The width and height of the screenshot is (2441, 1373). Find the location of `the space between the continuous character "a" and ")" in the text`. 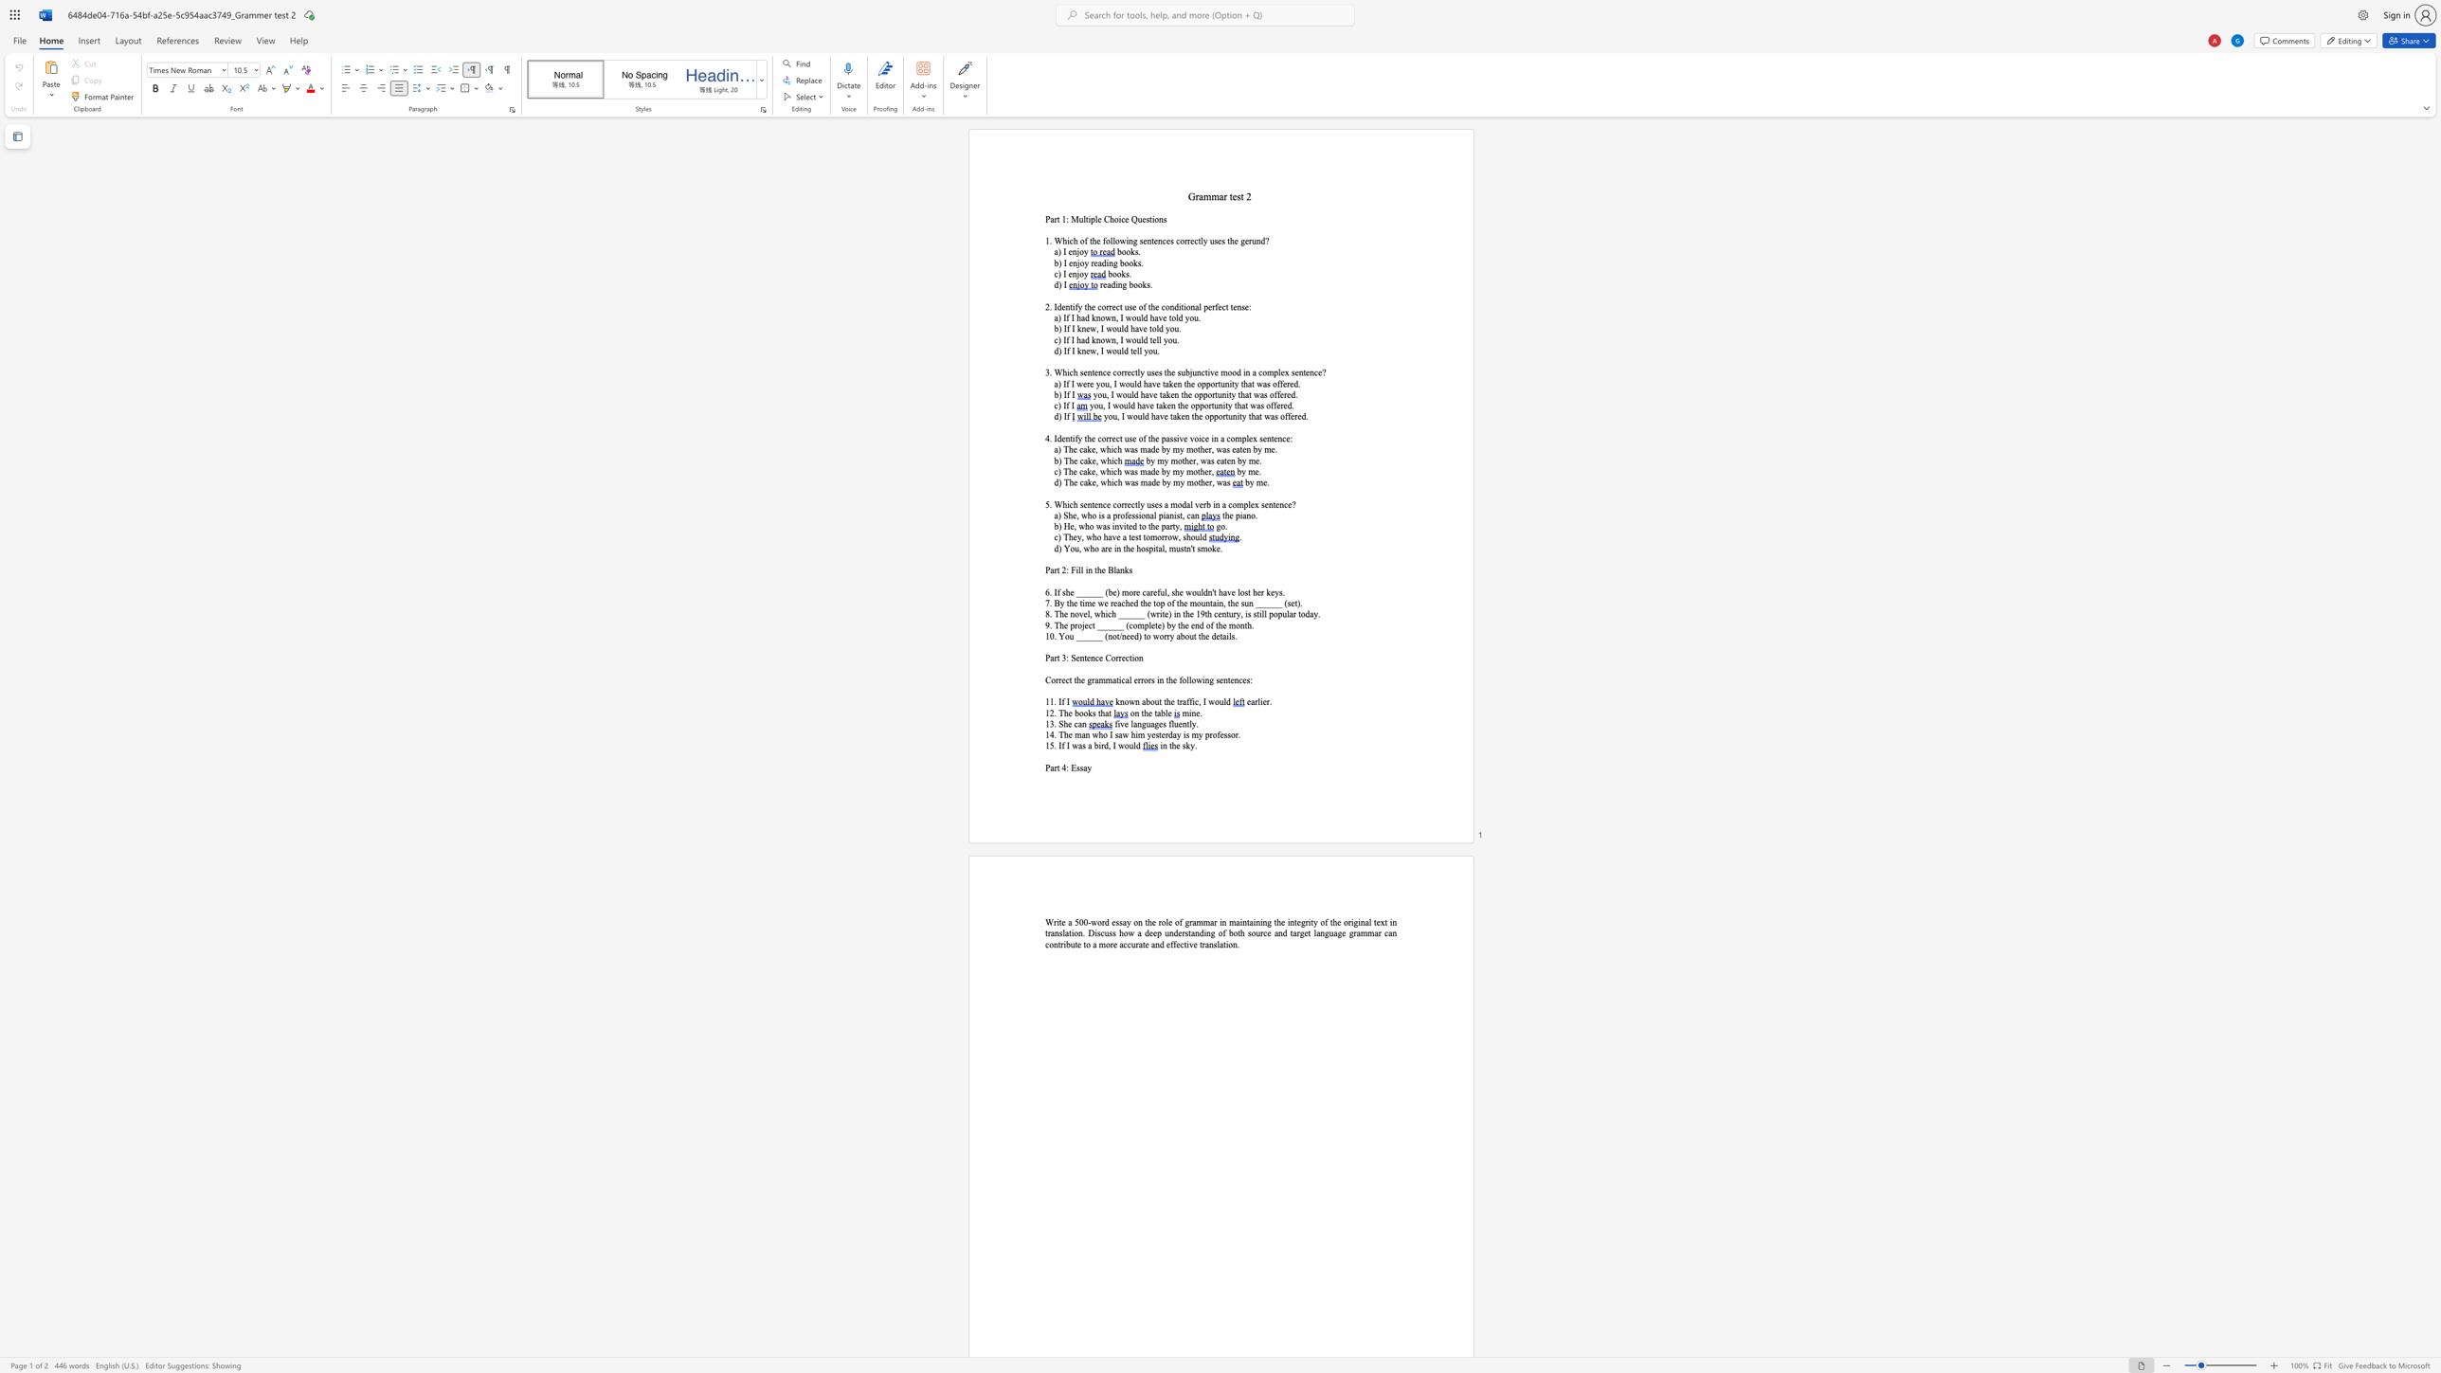

the space between the continuous character "a" and ")" in the text is located at coordinates (1058, 449).